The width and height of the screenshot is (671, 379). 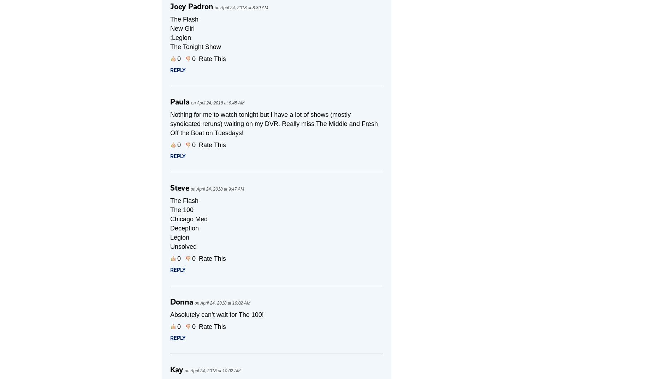 I want to click on 'Unsolved', so click(x=183, y=246).